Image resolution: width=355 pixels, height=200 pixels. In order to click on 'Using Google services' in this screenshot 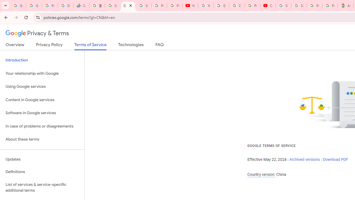, I will do `click(42, 87)`.